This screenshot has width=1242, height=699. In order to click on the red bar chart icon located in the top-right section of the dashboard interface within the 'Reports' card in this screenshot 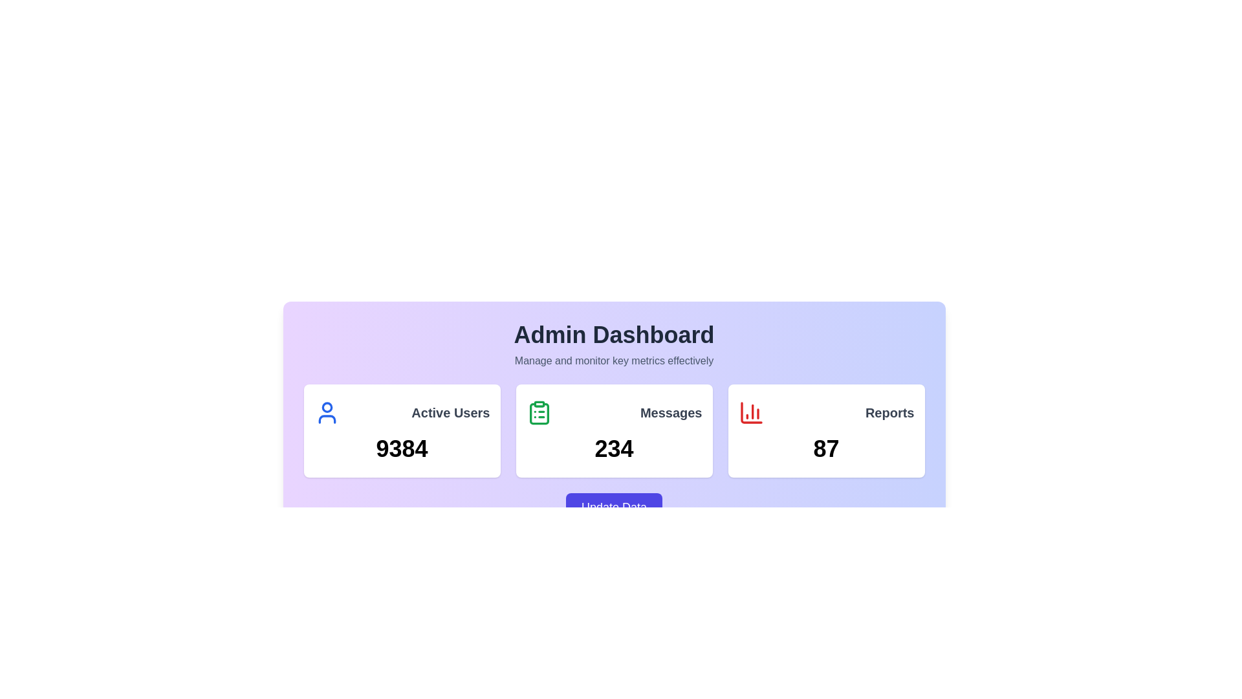, I will do `click(751, 412)`.